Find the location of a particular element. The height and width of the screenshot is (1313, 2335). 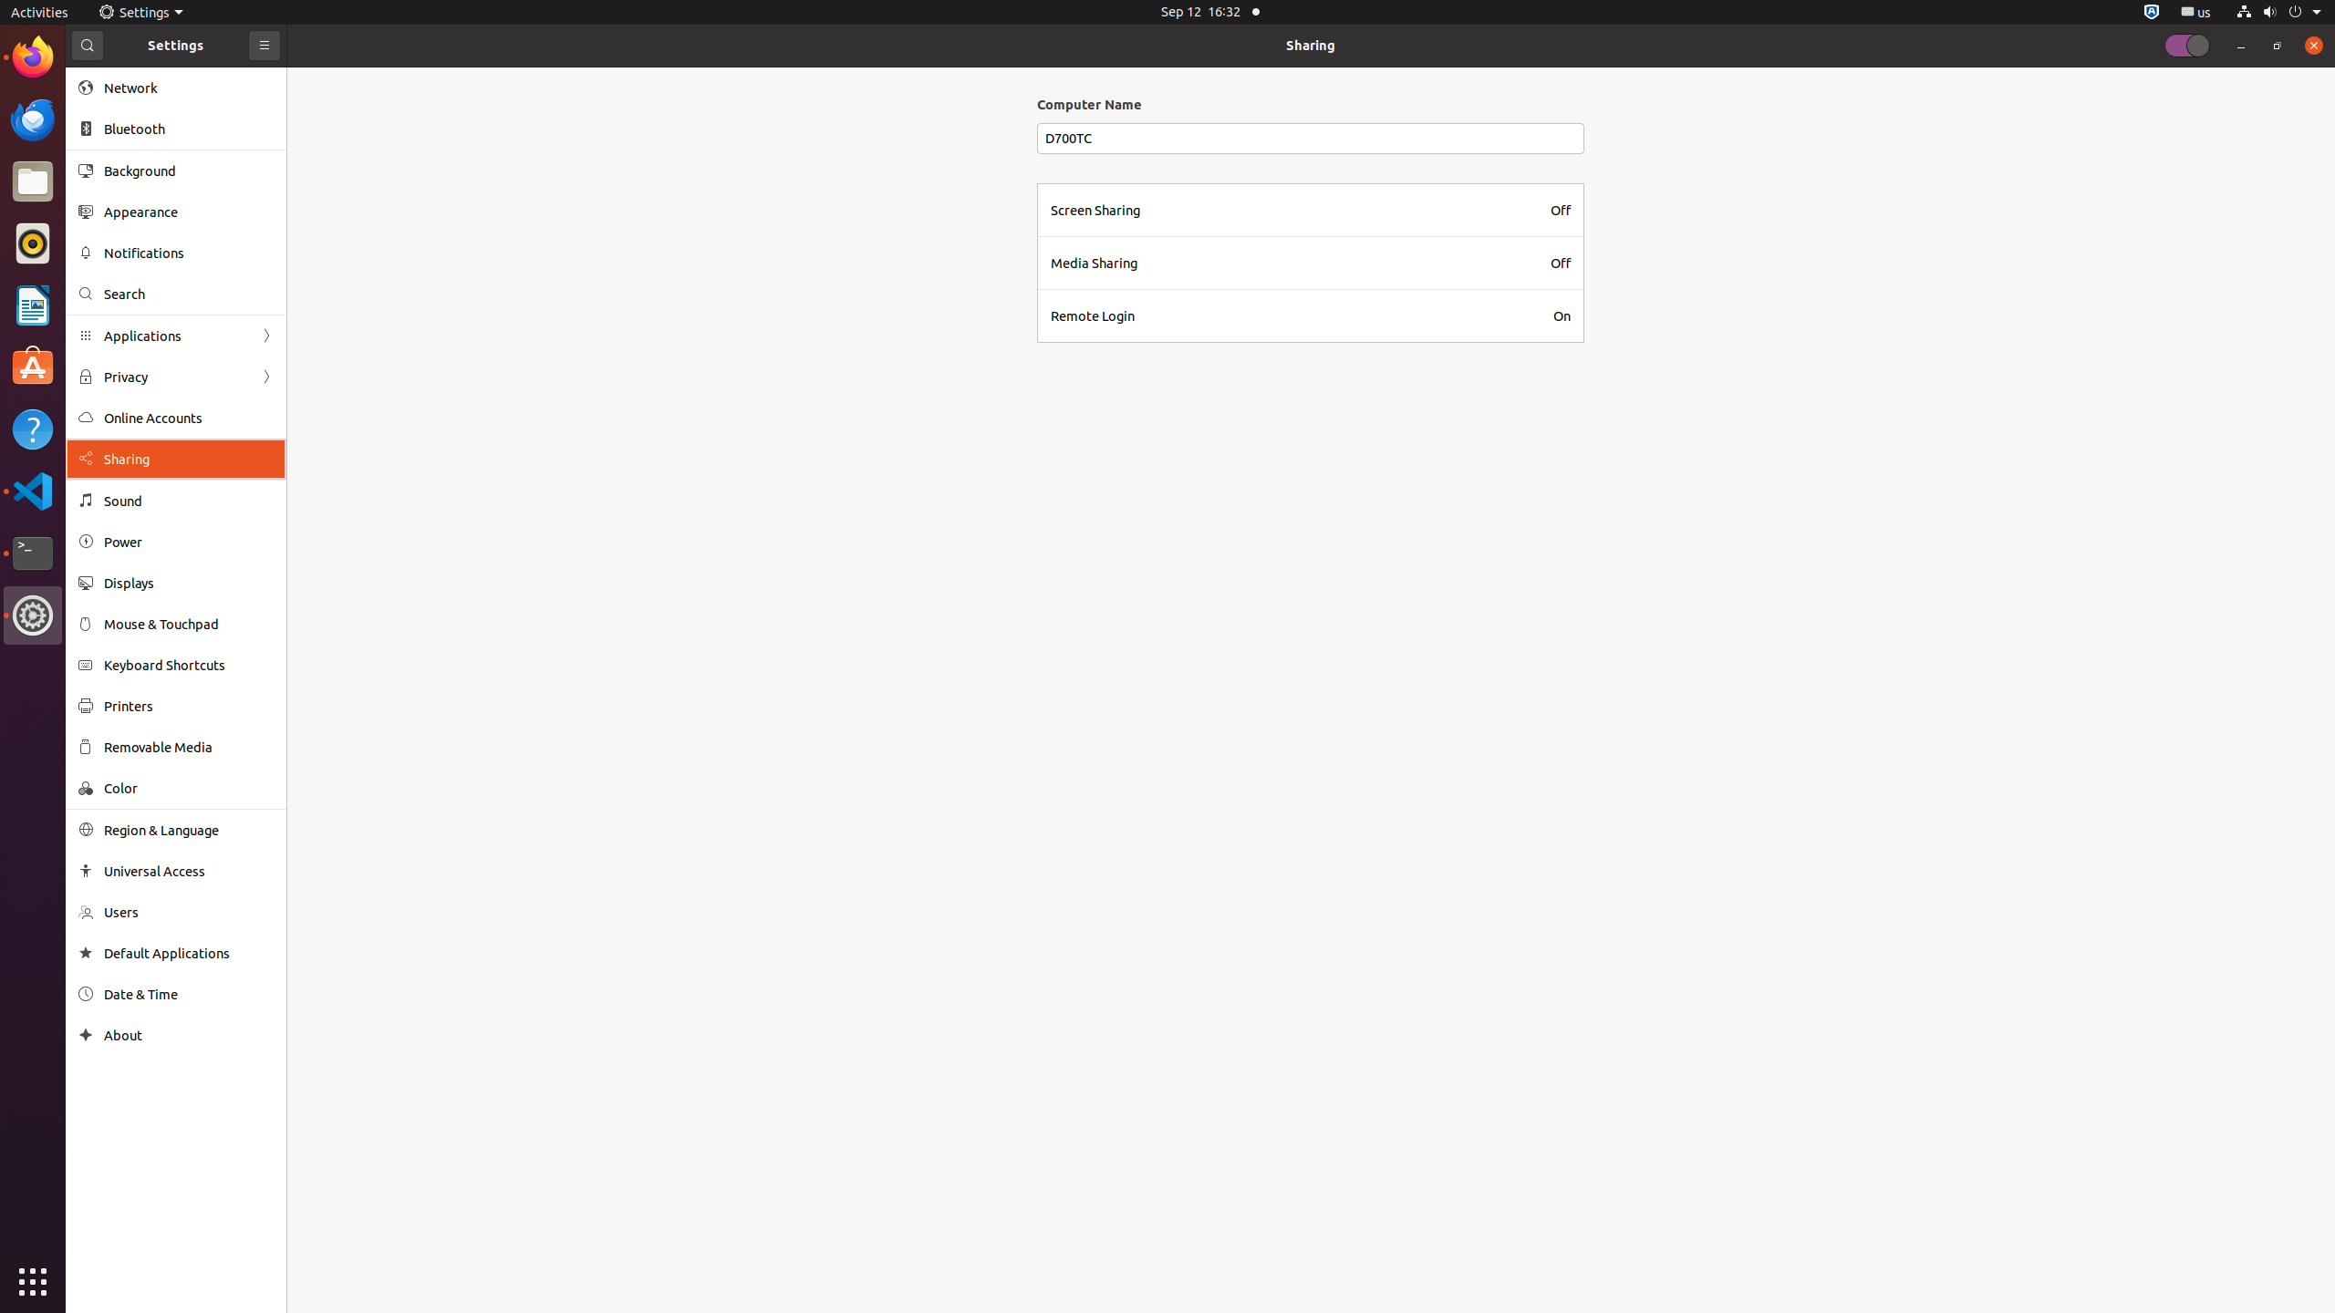

'Displays' is located at coordinates (189, 583).